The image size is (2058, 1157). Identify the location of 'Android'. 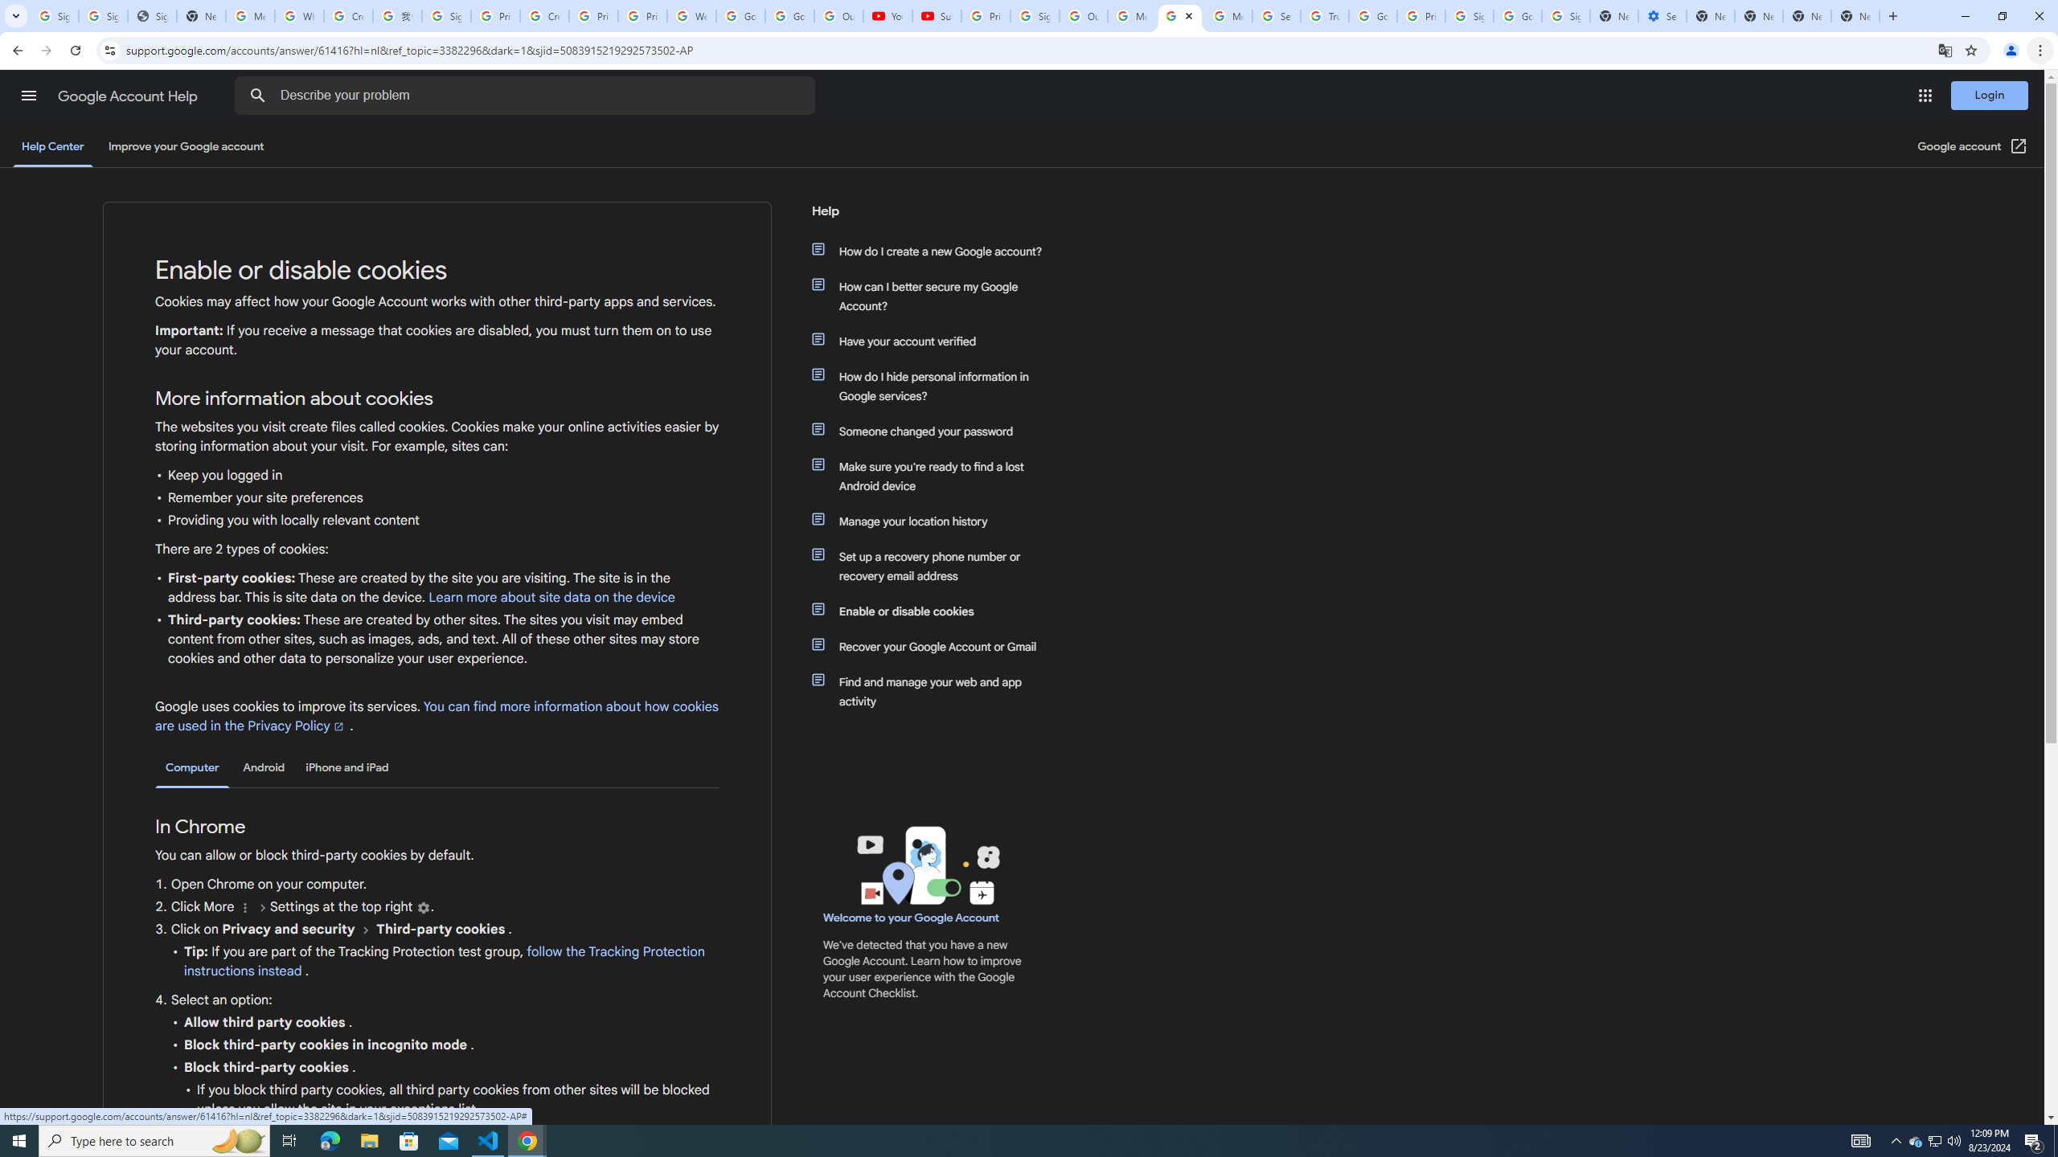
(263, 767).